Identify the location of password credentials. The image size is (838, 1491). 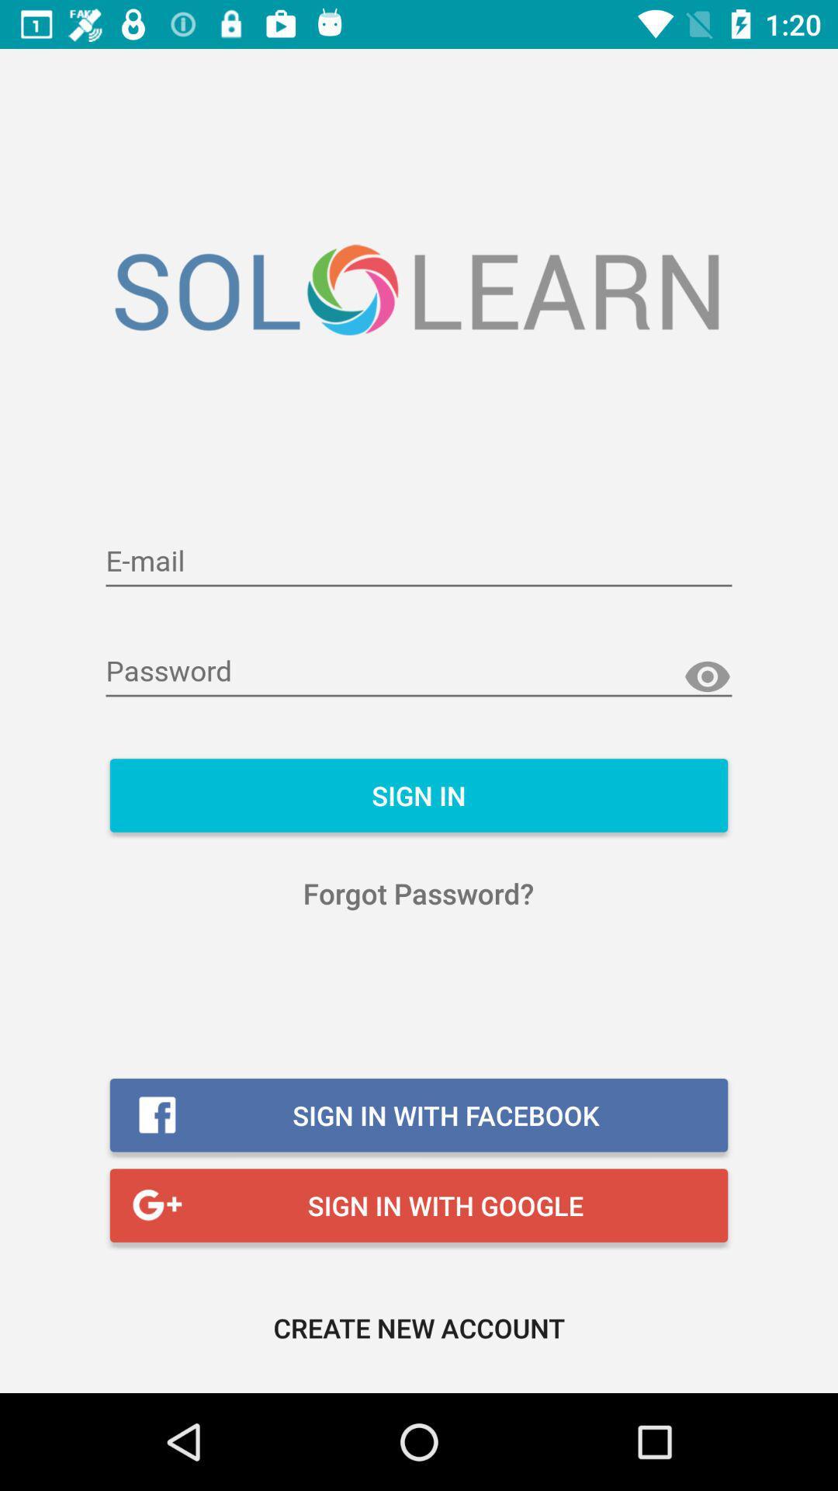
(419, 672).